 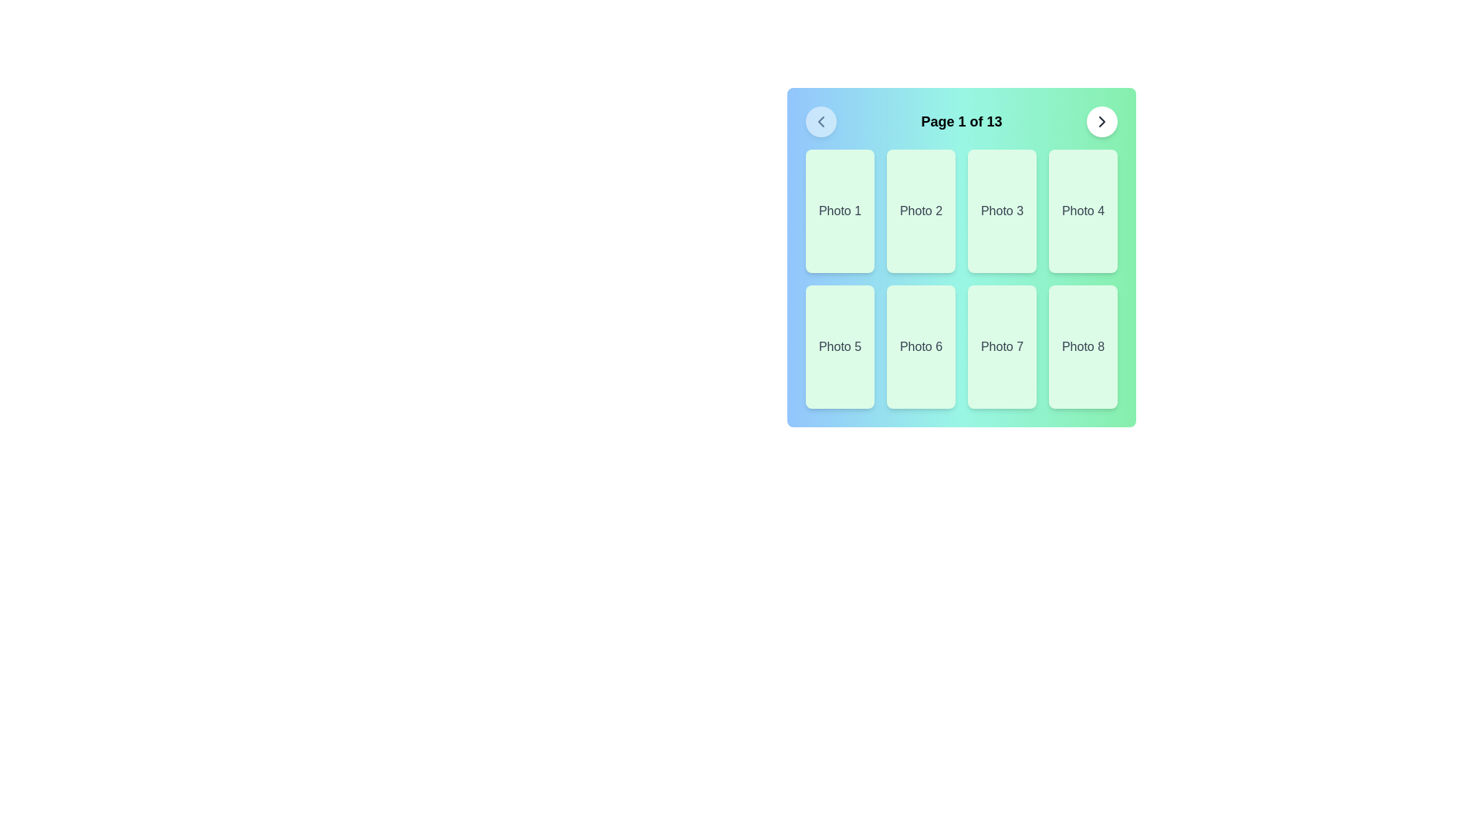 I want to click on the visual display element resembling a green card with rounded corners and the text 'Photo 5' in gray, located in the second row and first column of a grid layout, so click(x=839, y=347).